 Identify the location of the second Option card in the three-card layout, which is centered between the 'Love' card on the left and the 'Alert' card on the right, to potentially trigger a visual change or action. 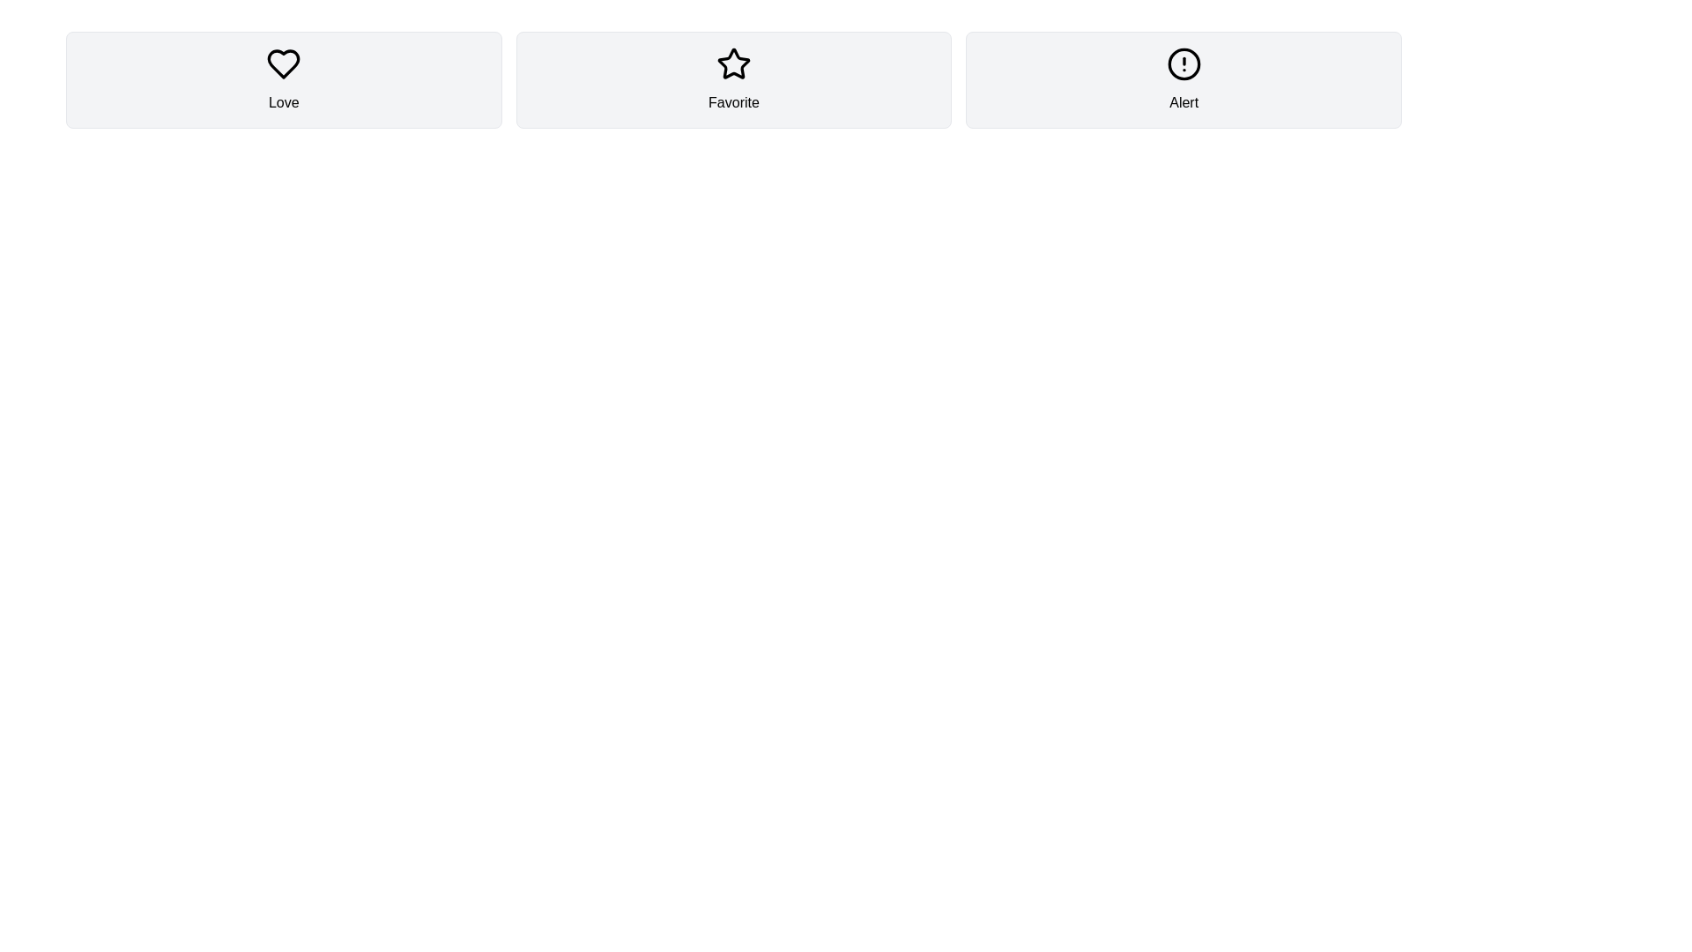
(733, 80).